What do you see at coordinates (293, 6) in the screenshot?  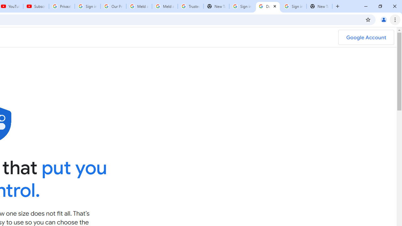 I see `'Sign in - Google Accounts'` at bounding box center [293, 6].